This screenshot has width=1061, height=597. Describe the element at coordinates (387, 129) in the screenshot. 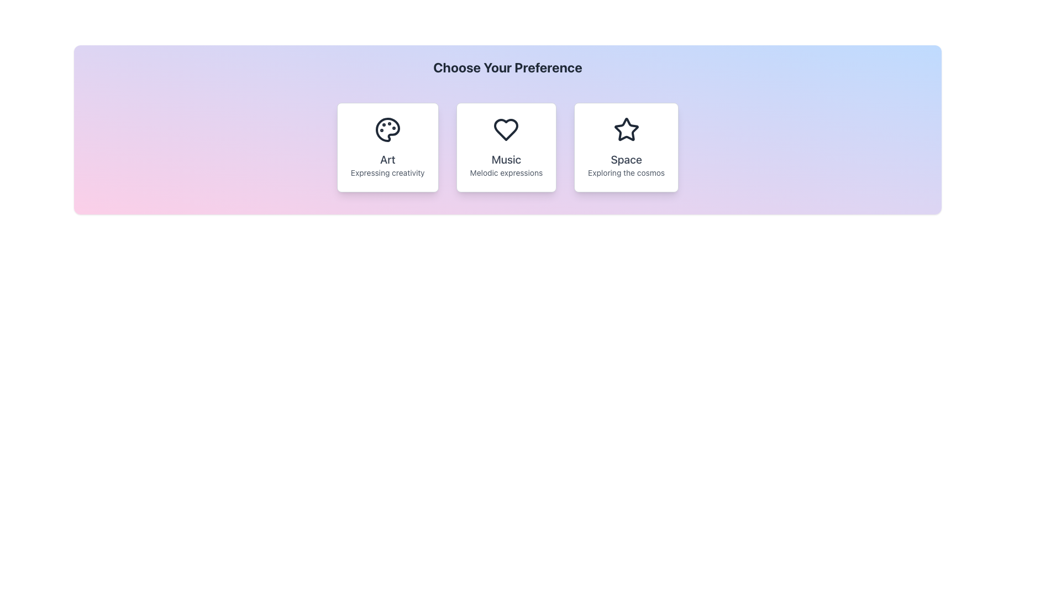

I see `the Vector Graphic Icon representing the 'Art' option to choose the preference` at that location.